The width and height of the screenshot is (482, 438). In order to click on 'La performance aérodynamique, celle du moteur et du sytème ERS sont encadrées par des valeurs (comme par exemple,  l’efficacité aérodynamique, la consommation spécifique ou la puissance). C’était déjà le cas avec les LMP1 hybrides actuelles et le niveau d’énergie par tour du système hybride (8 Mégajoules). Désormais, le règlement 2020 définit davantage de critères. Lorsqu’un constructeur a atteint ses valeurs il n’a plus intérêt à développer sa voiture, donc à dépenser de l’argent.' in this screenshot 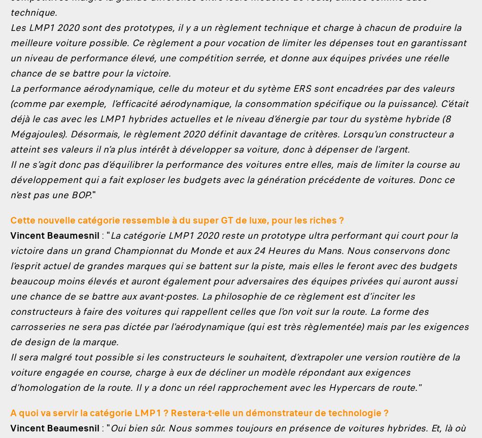, I will do `click(238, 119)`.